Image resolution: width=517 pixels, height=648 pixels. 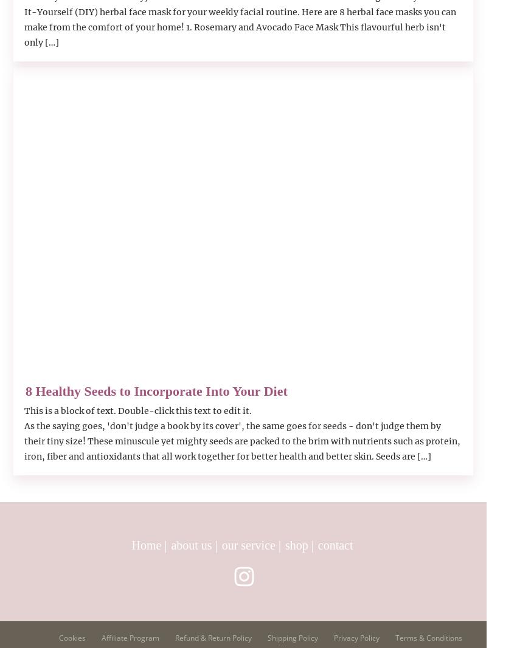 I want to click on 'our service', so click(x=220, y=545).